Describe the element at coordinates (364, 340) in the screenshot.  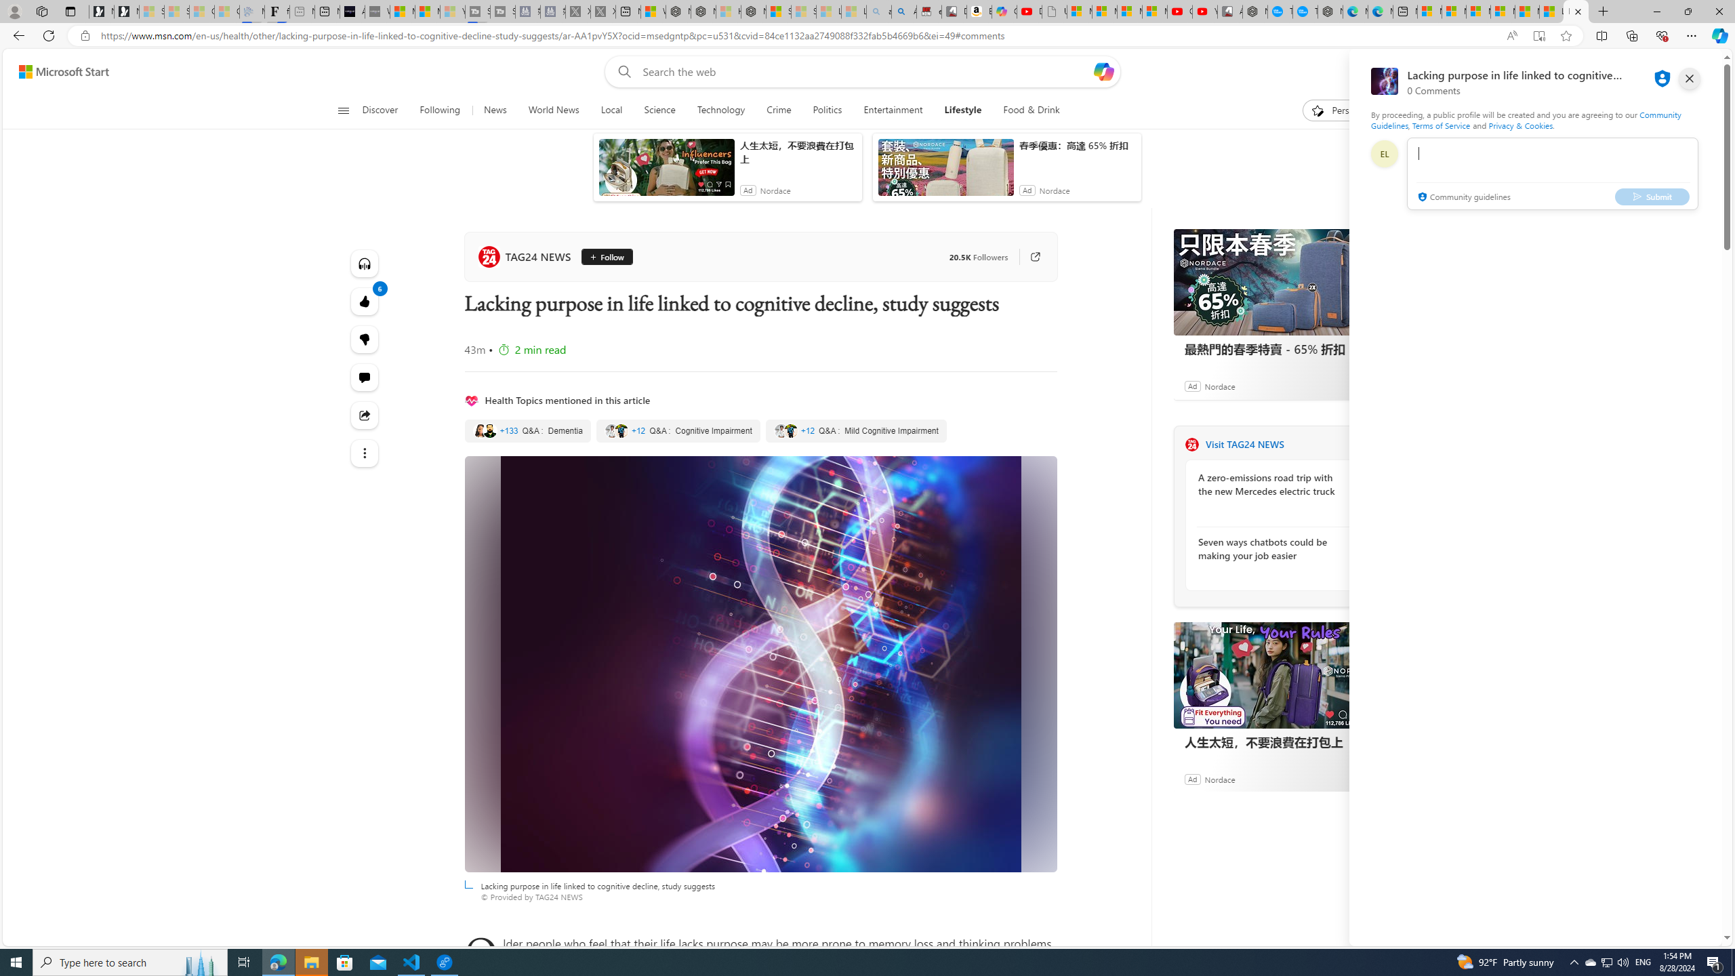
I see `'More like this6Fewer like thisStart the conversation'` at that location.